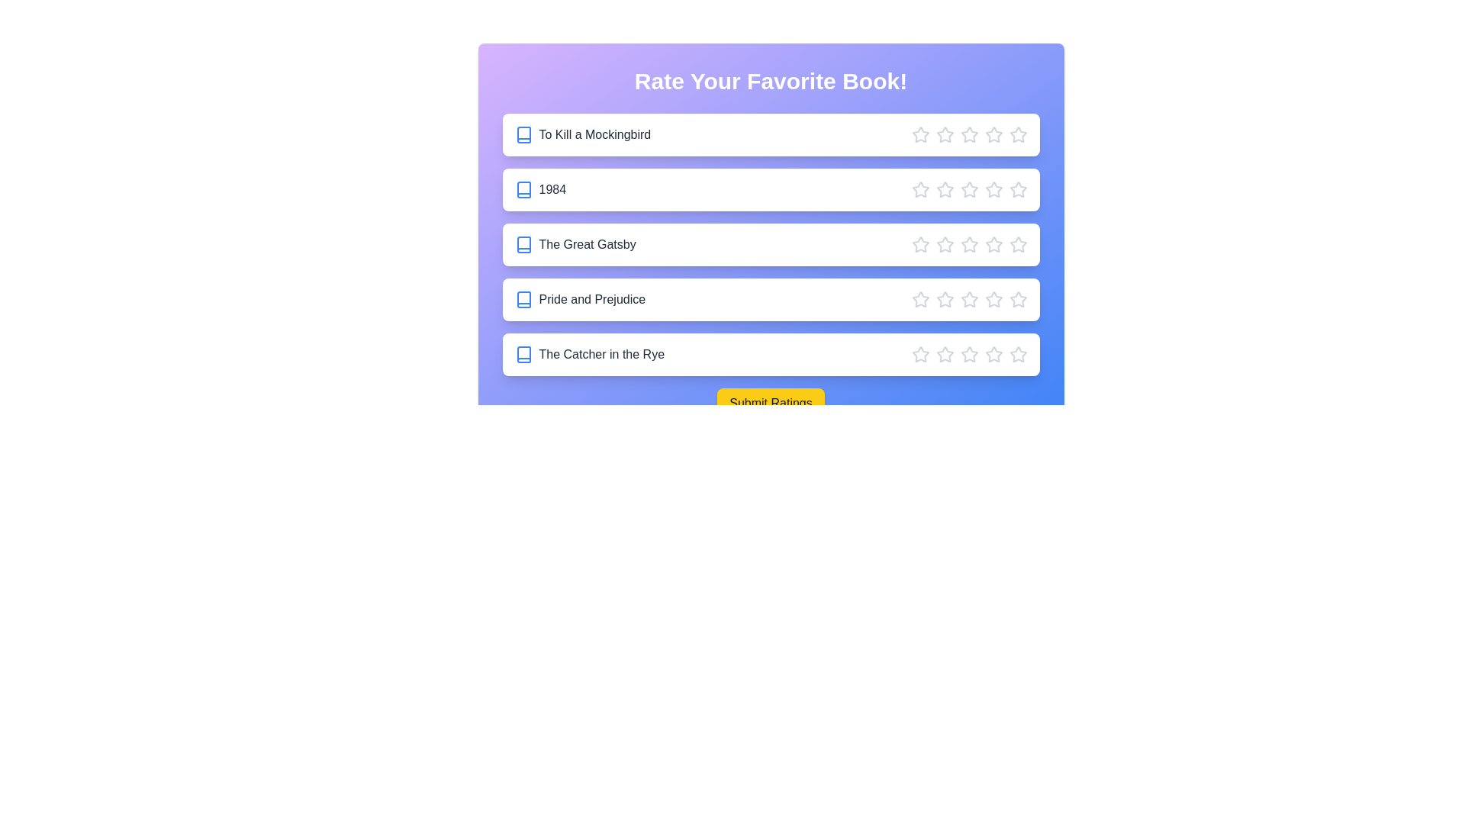  What do you see at coordinates (1018, 355) in the screenshot?
I see `the star corresponding to 5 stars for the book 'The Catcher in the Rye'` at bounding box center [1018, 355].